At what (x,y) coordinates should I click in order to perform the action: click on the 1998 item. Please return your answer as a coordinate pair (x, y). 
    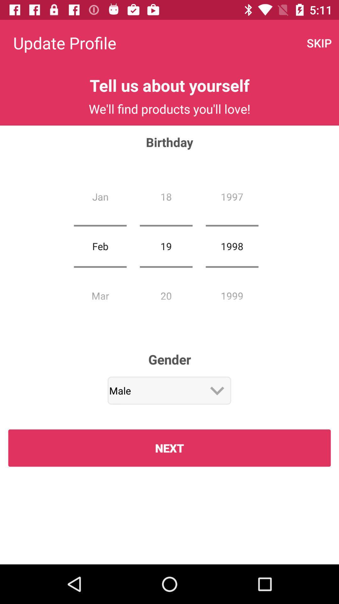
    Looking at the image, I should click on (232, 246).